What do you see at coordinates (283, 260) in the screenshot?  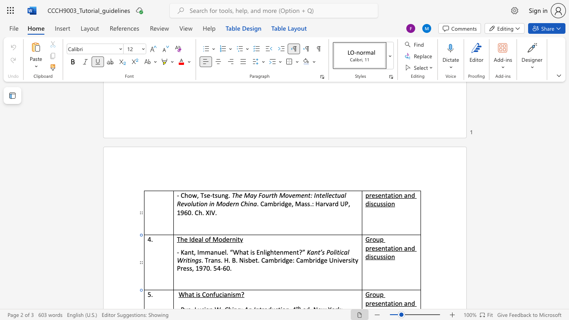 I see `the 1th character "d" in the text` at bounding box center [283, 260].